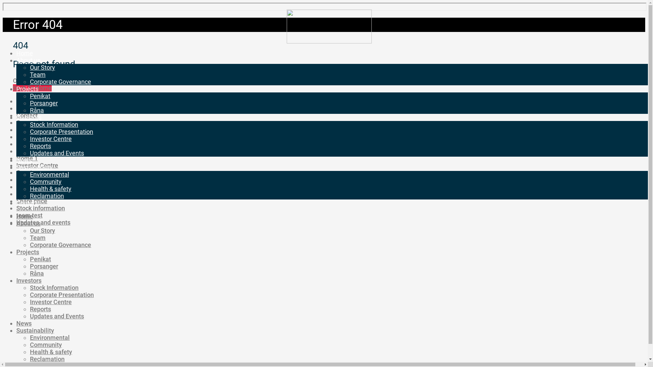 The image size is (653, 367). Describe the element at coordinates (40, 259) in the screenshot. I see `'Penikat'` at that location.